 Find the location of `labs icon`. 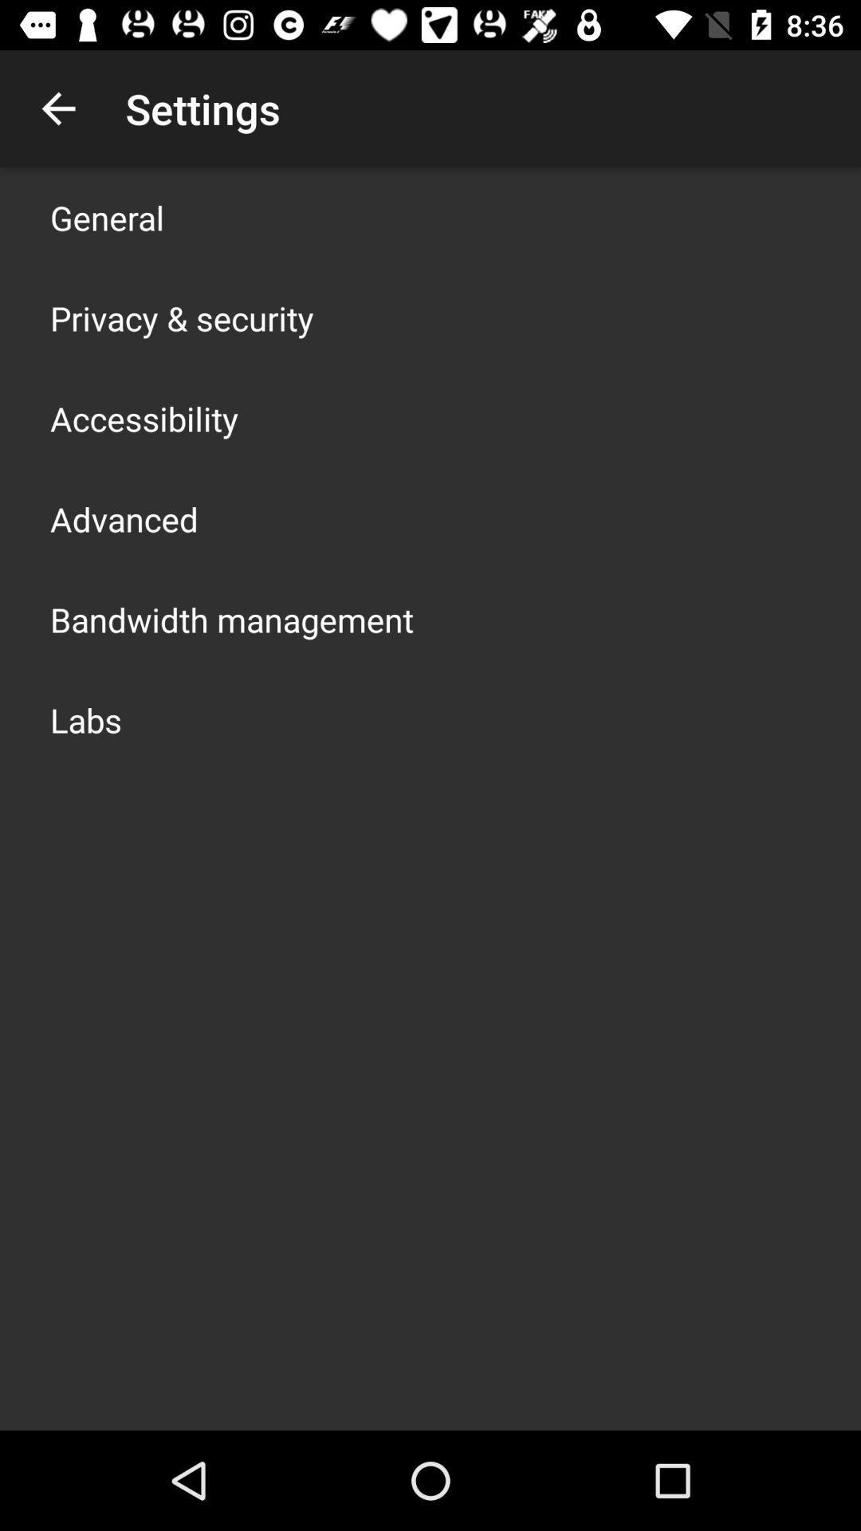

labs icon is located at coordinates (86, 718).